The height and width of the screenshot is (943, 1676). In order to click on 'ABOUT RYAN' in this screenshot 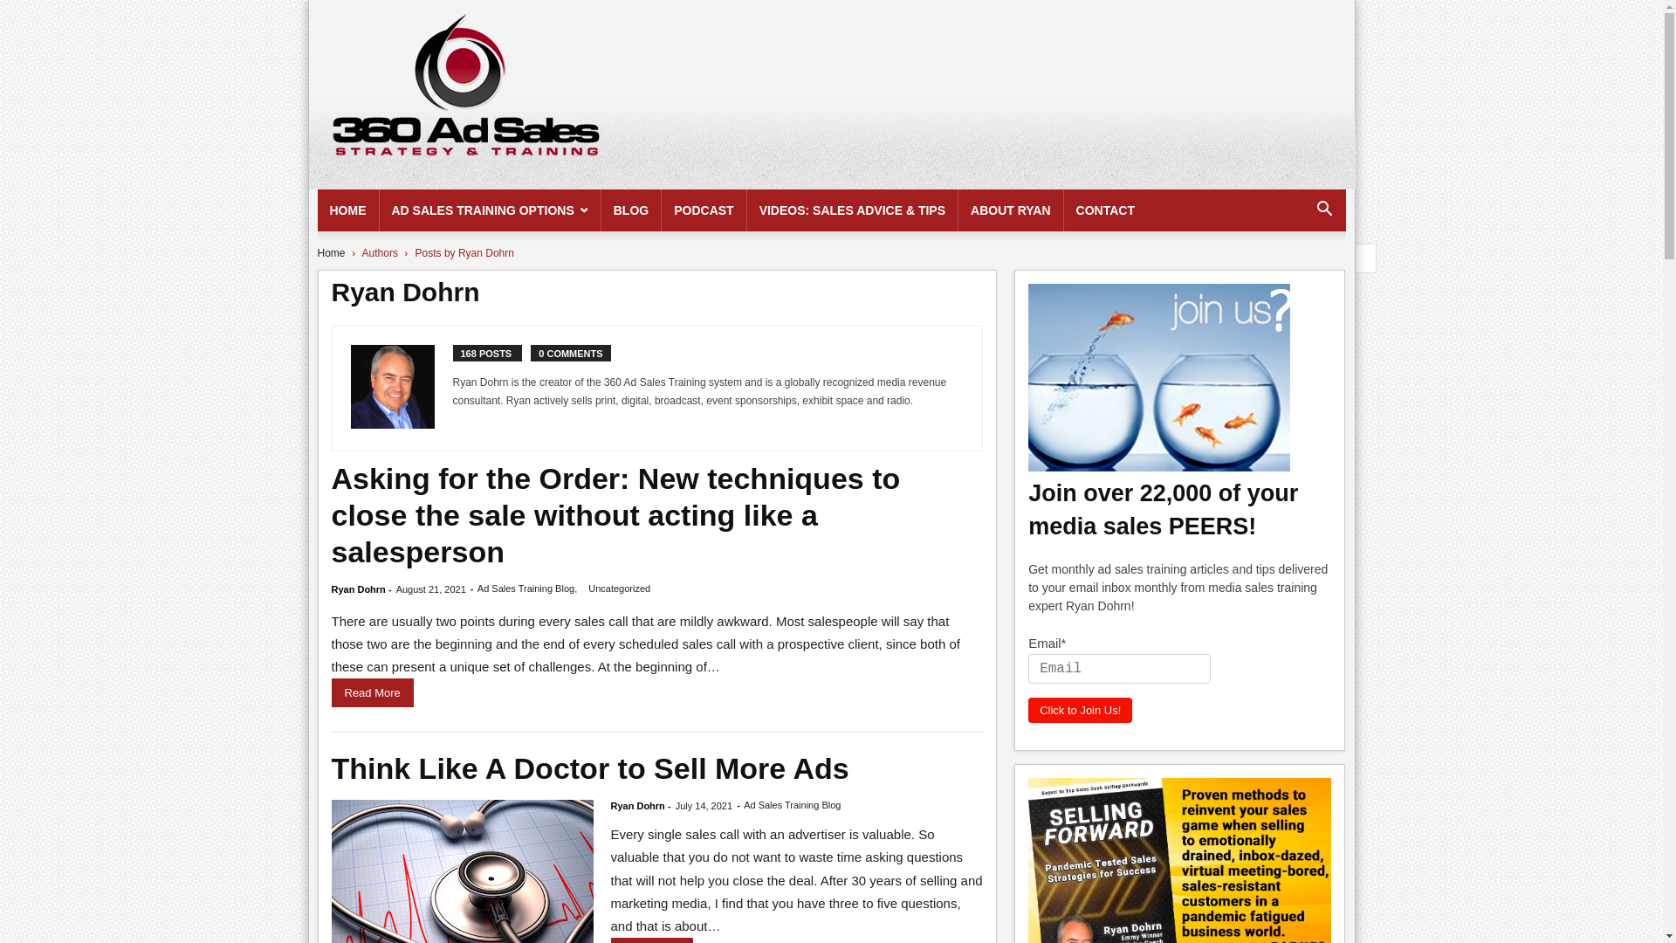, I will do `click(1010, 209)`.